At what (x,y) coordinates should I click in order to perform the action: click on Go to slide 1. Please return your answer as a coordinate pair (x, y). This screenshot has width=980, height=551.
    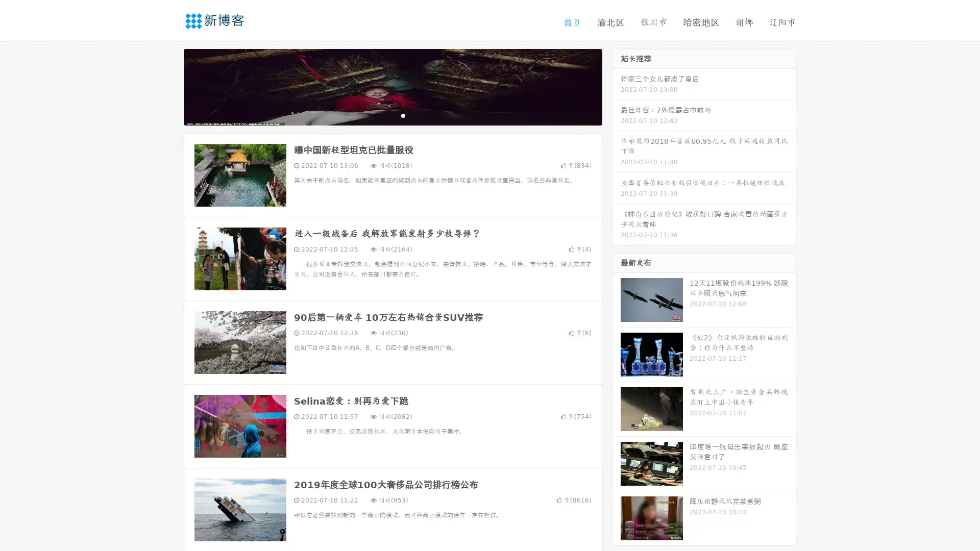
    Looking at the image, I should click on (382, 115).